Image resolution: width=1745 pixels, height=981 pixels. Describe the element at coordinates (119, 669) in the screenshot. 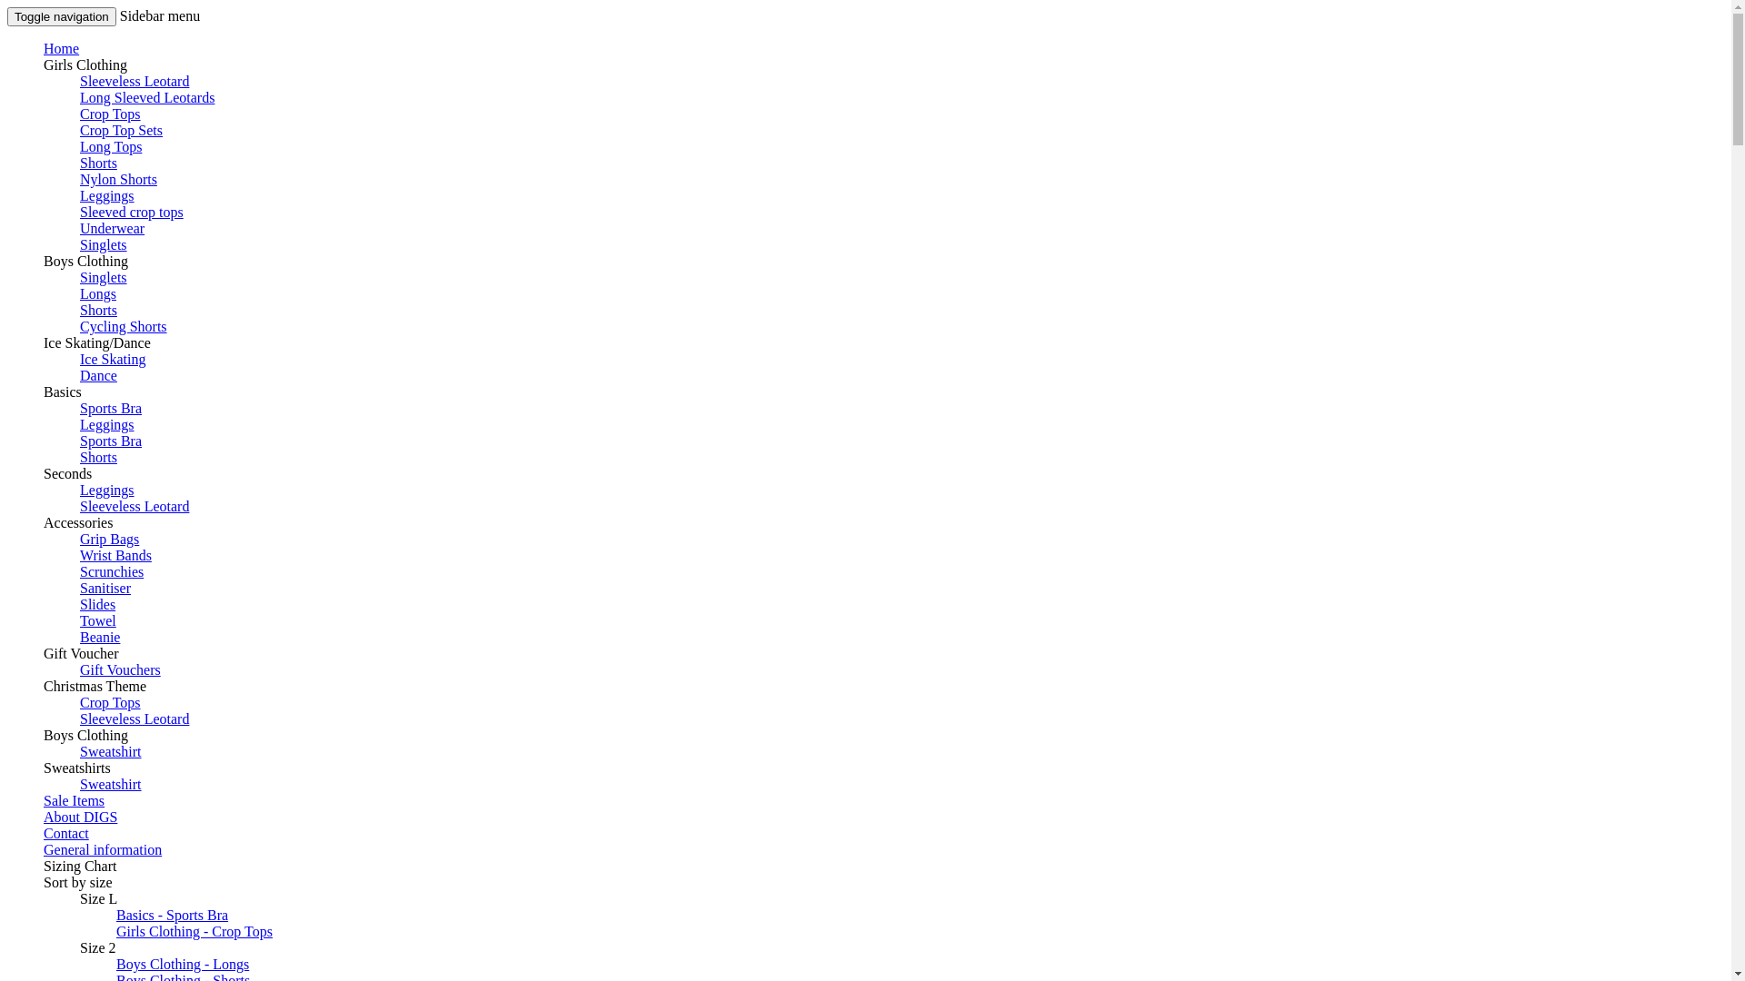

I see `'Gift Vouchers'` at that location.